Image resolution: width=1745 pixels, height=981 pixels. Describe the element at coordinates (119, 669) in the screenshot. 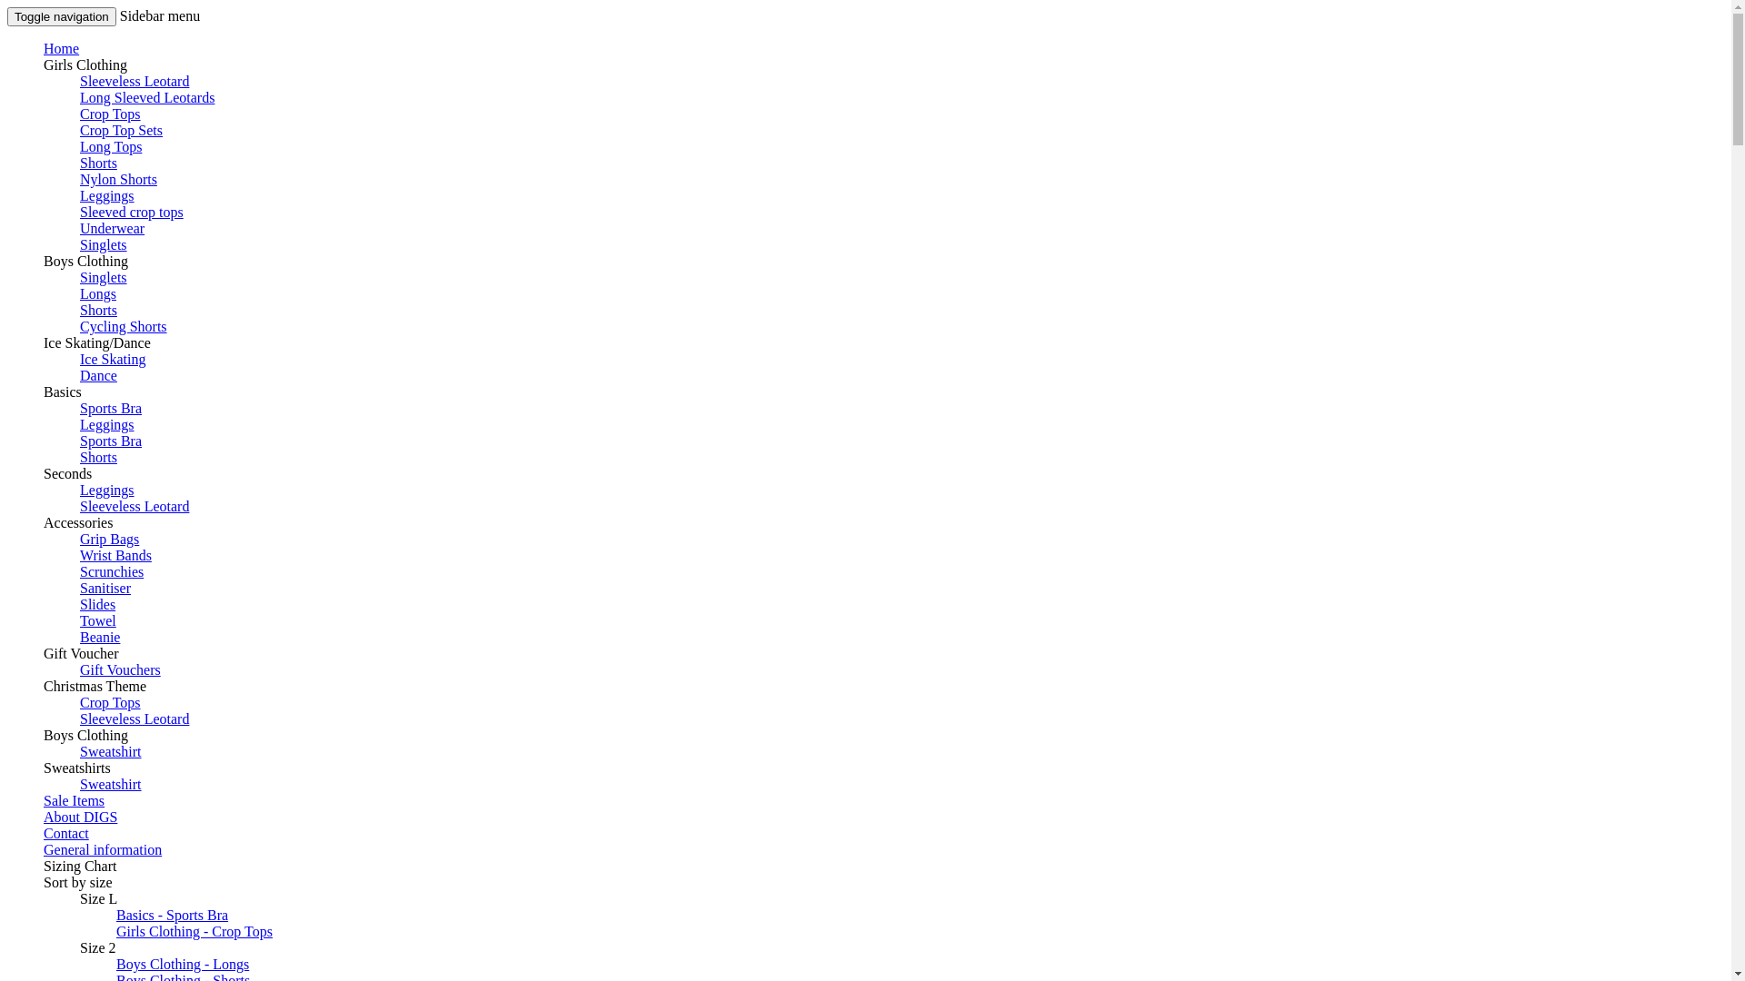

I see `'Gift Vouchers'` at that location.